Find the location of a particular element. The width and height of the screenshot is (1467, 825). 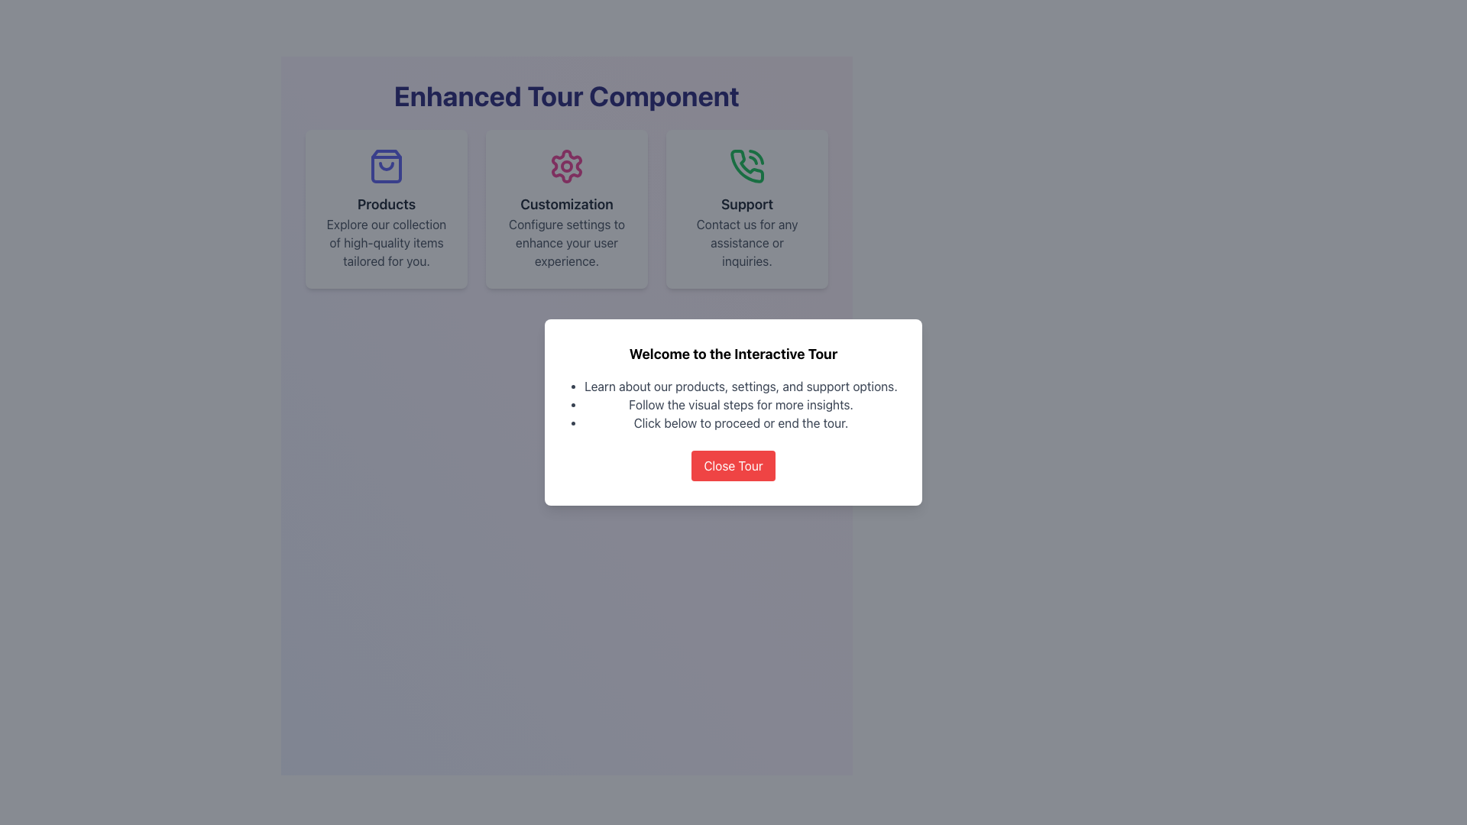

the prominent headline that reads 'Welcome to the Interactive Tour', which is positioned at the top of a white card-shaped component in the main interface is located at coordinates (733, 354).